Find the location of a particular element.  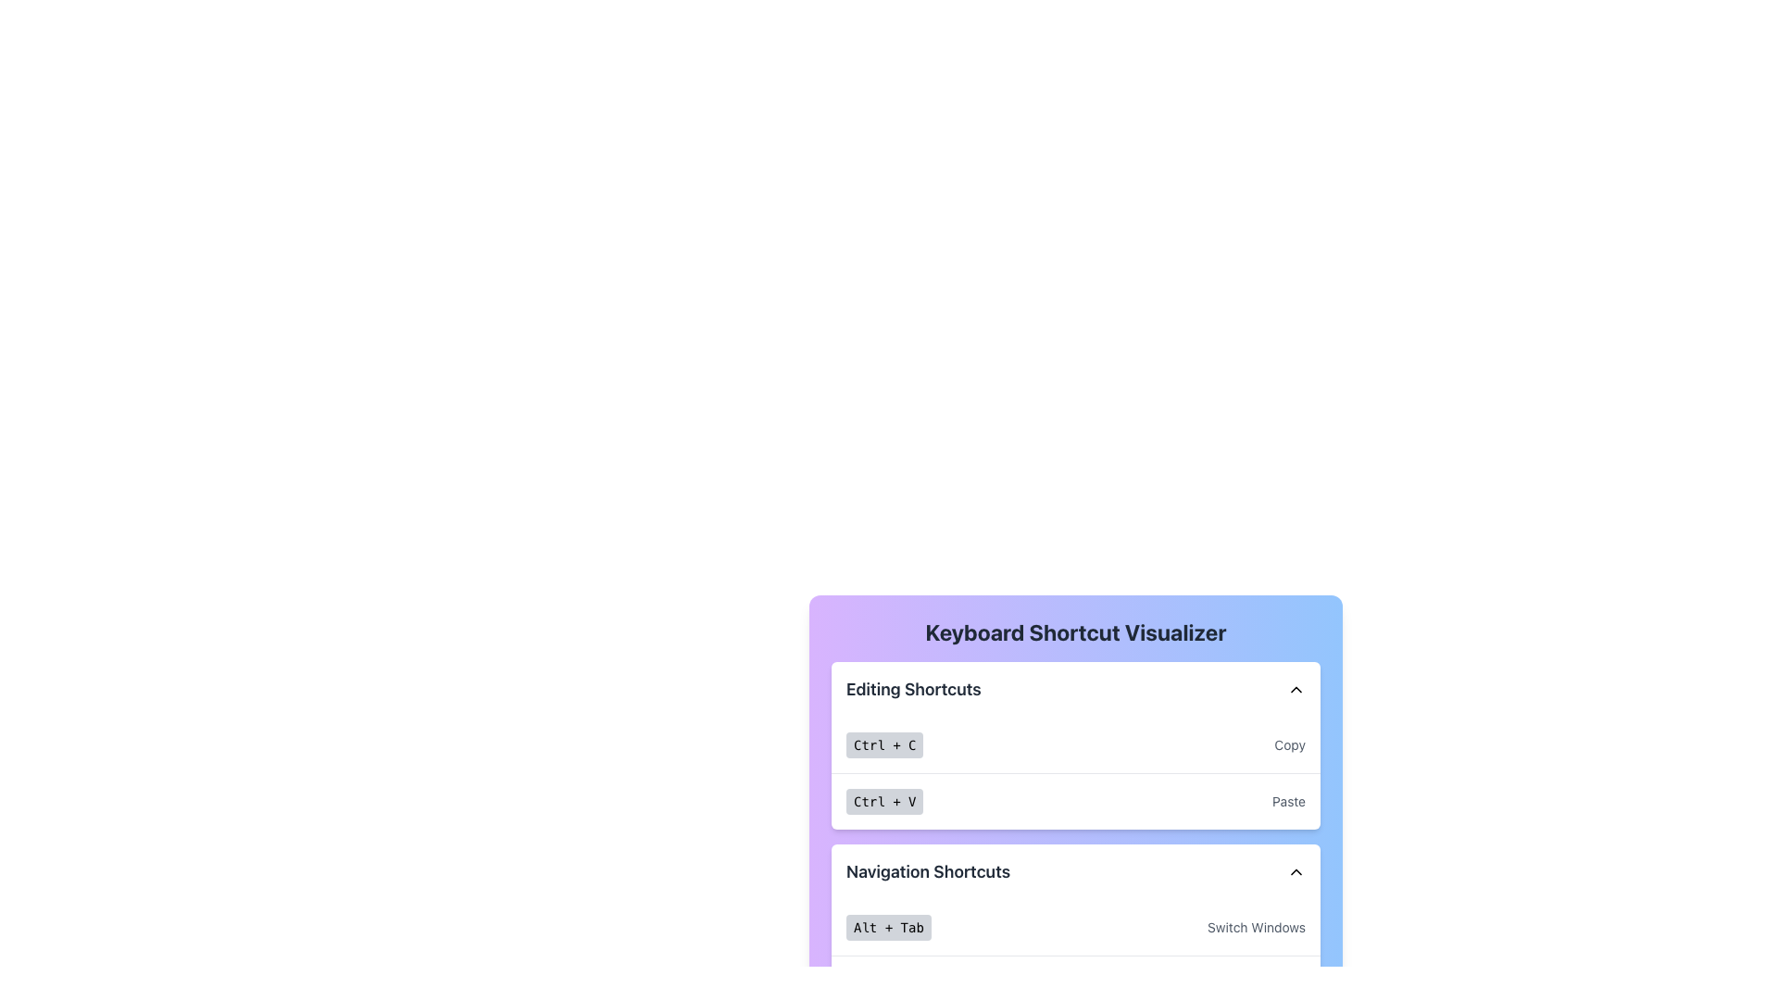

the upward chevron icon located to the right of the 'Editing Shortcuts' label is located at coordinates (1296, 689).